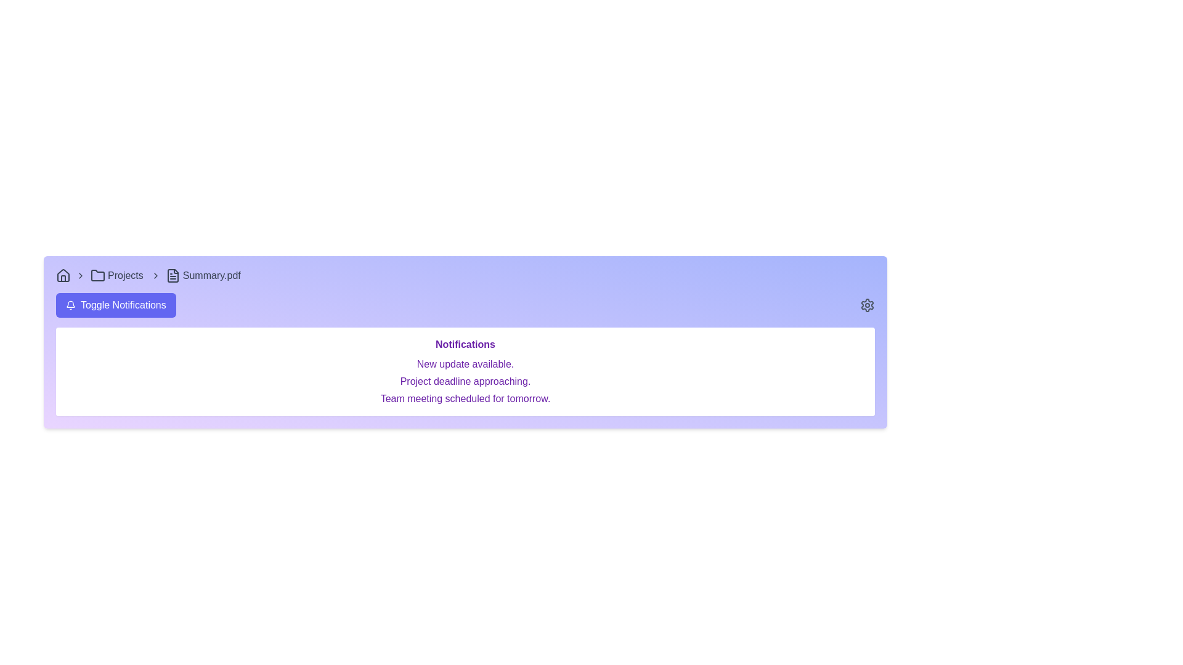 This screenshot has height=665, width=1183. What do you see at coordinates (62, 275) in the screenshot?
I see `the house icon button located on the left side of the breadcrumb navigation bar` at bounding box center [62, 275].